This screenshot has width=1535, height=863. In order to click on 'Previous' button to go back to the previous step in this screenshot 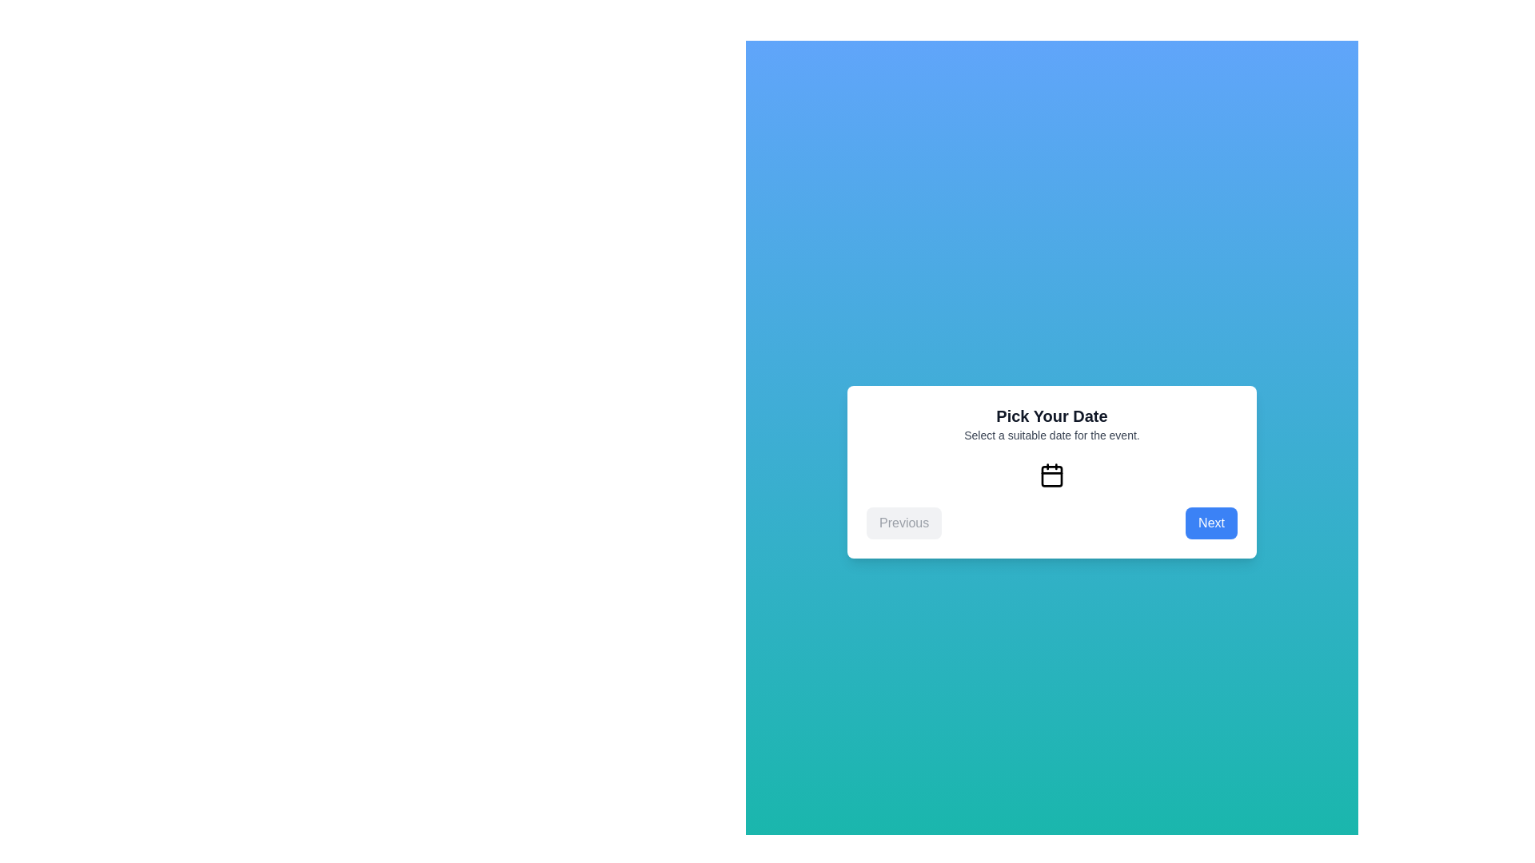, I will do `click(904, 523)`.